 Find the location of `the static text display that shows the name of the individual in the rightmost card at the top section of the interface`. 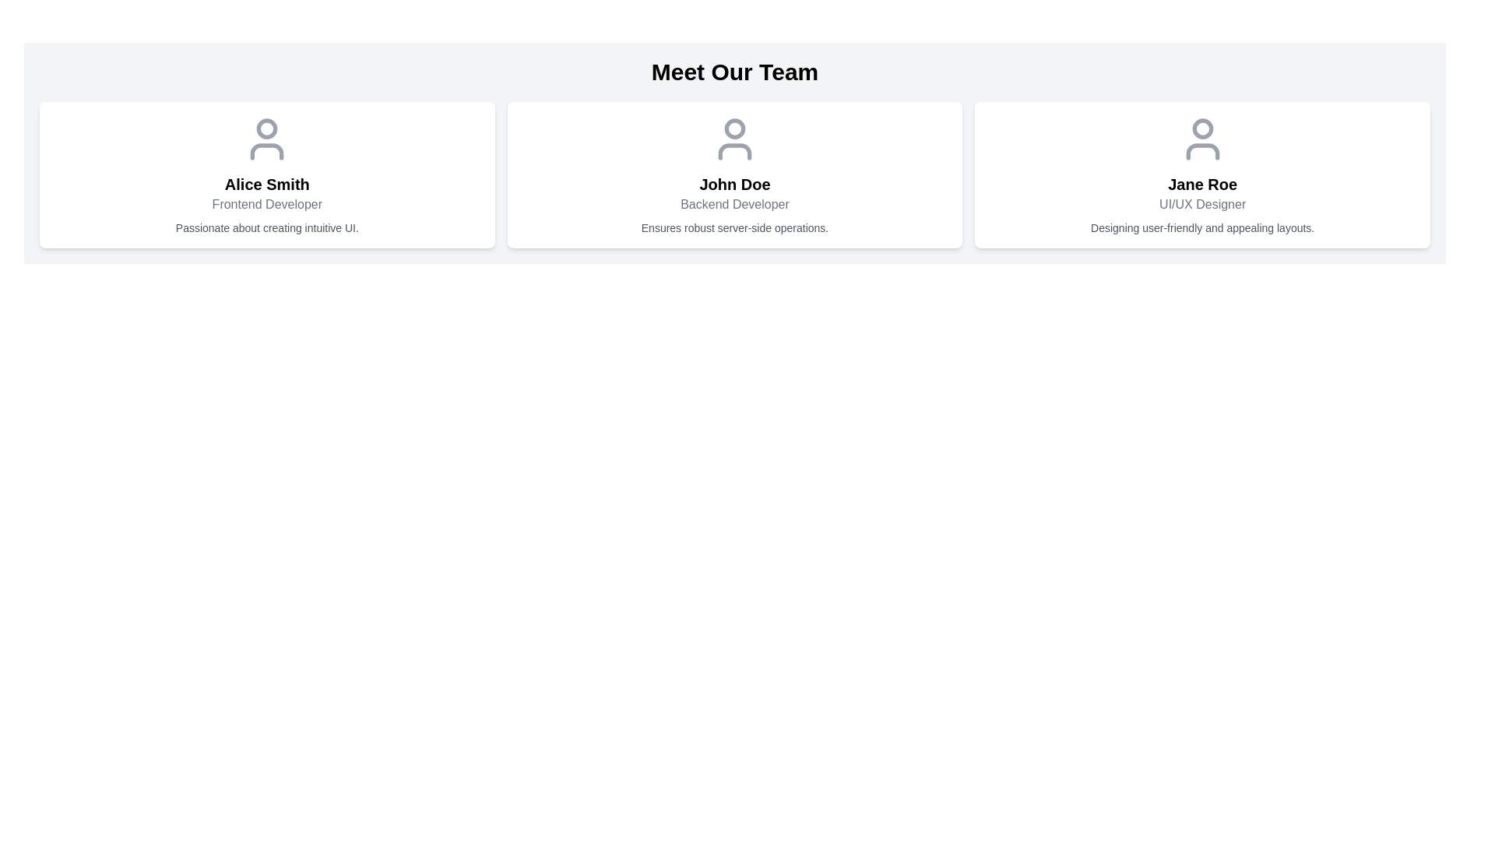

the static text display that shows the name of the individual in the rightmost card at the top section of the interface is located at coordinates (1201, 183).